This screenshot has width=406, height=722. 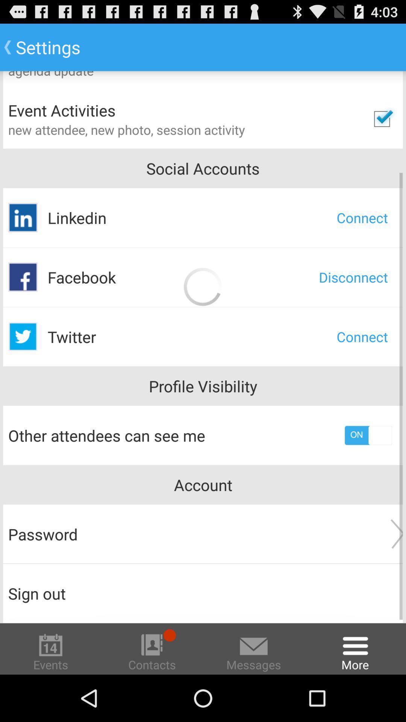 I want to click on the icon below profile visibility item, so click(x=368, y=435).